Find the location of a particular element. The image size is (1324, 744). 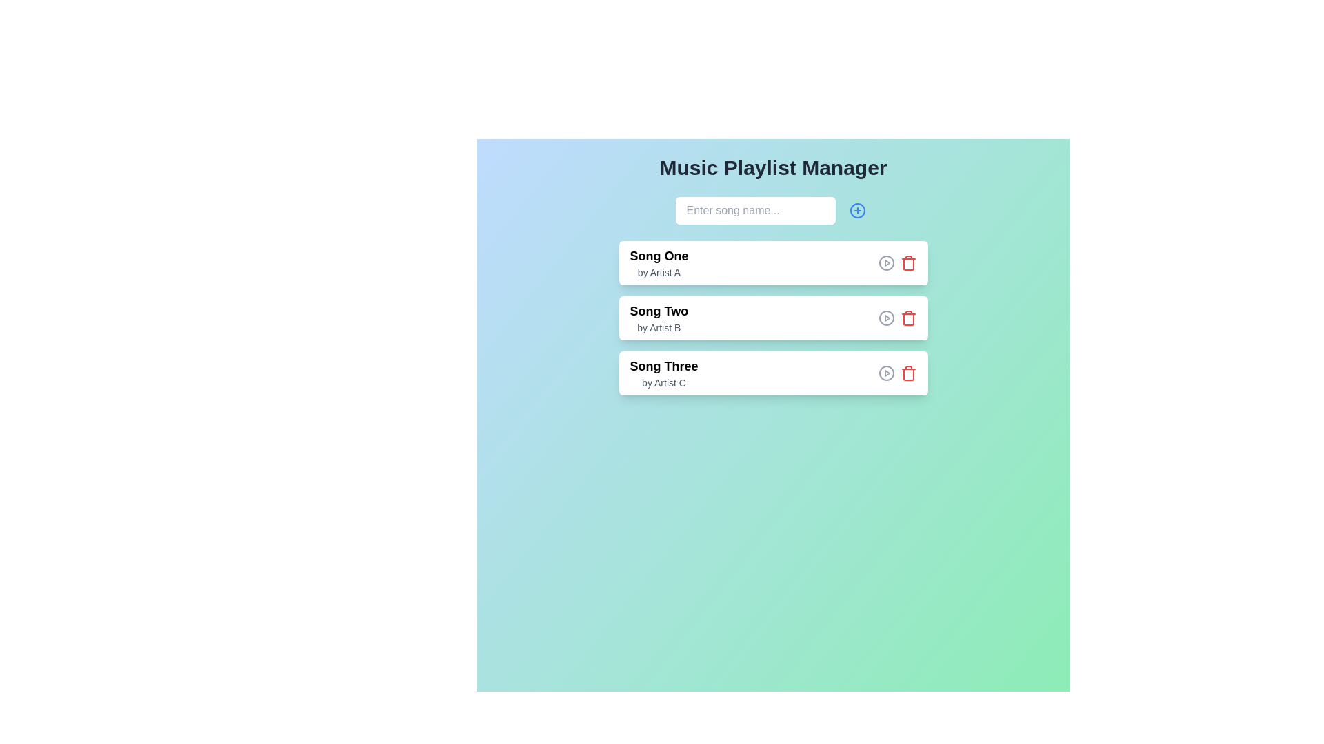

the circular element that serves as the background of the SVG icon, positioned to the right of the text input field is located at coordinates (856, 210).